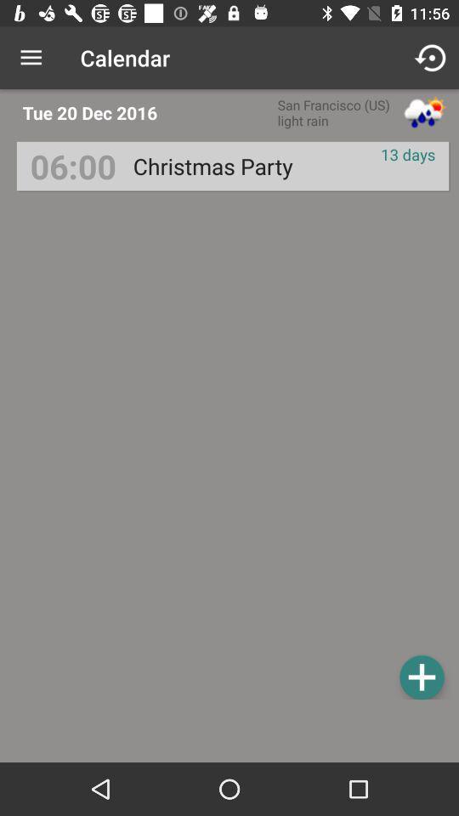 The height and width of the screenshot is (816, 459). What do you see at coordinates (212, 166) in the screenshot?
I see `item to the right of 06:00 item` at bounding box center [212, 166].